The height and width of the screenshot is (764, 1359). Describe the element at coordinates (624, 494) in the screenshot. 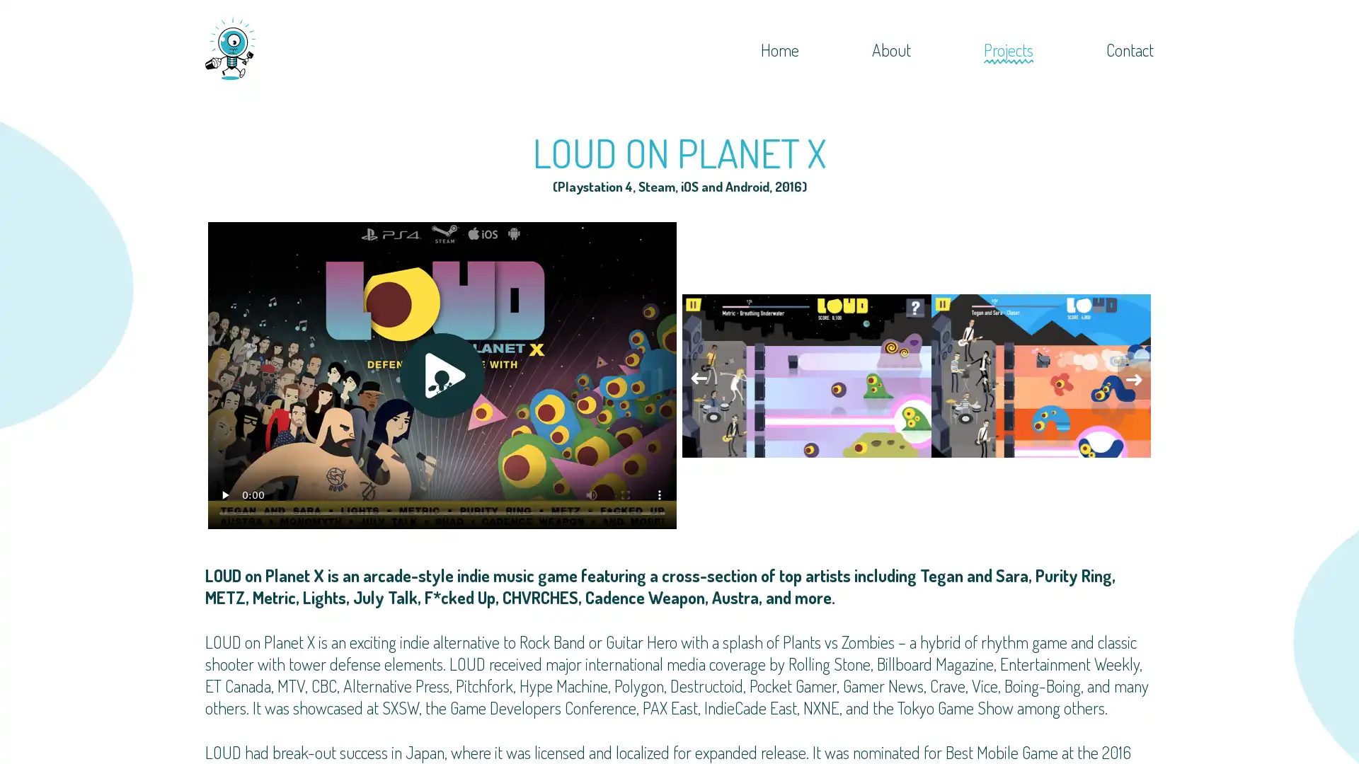

I see `enter full screen` at that location.